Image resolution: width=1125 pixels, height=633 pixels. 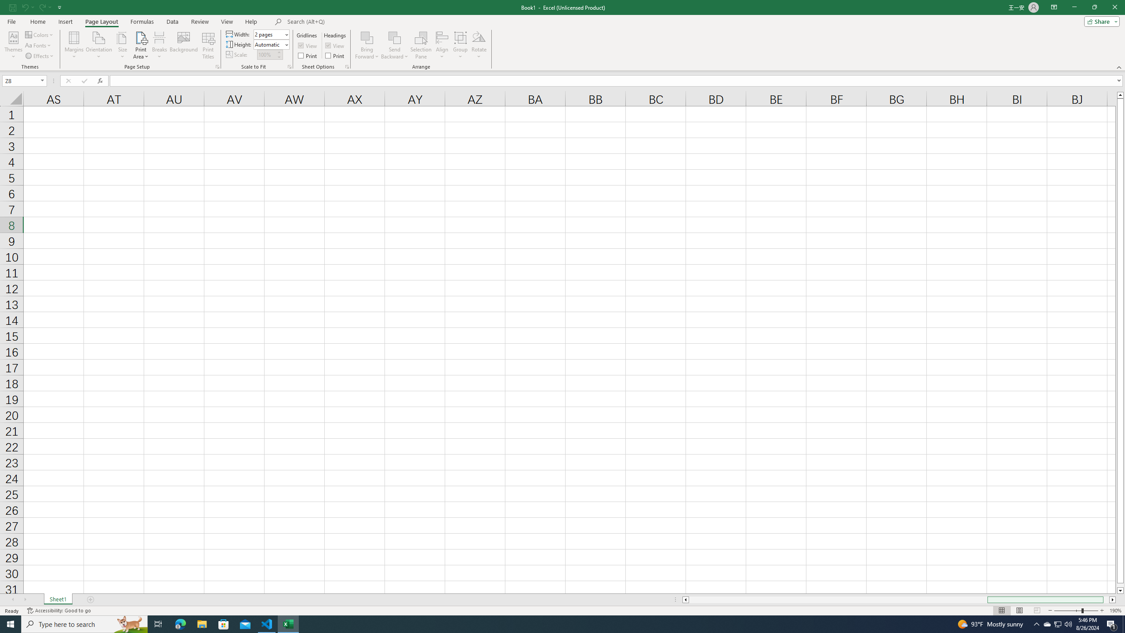 What do you see at coordinates (39, 34) in the screenshot?
I see `'Colors'` at bounding box center [39, 34].